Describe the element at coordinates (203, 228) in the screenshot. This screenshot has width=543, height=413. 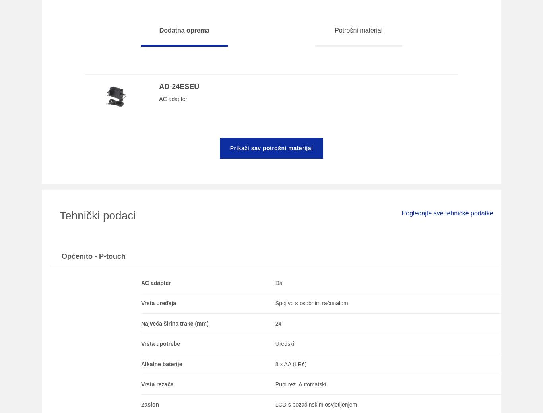
I see `'Često postavljana pitanja (FAQ) i priručnici'` at that location.